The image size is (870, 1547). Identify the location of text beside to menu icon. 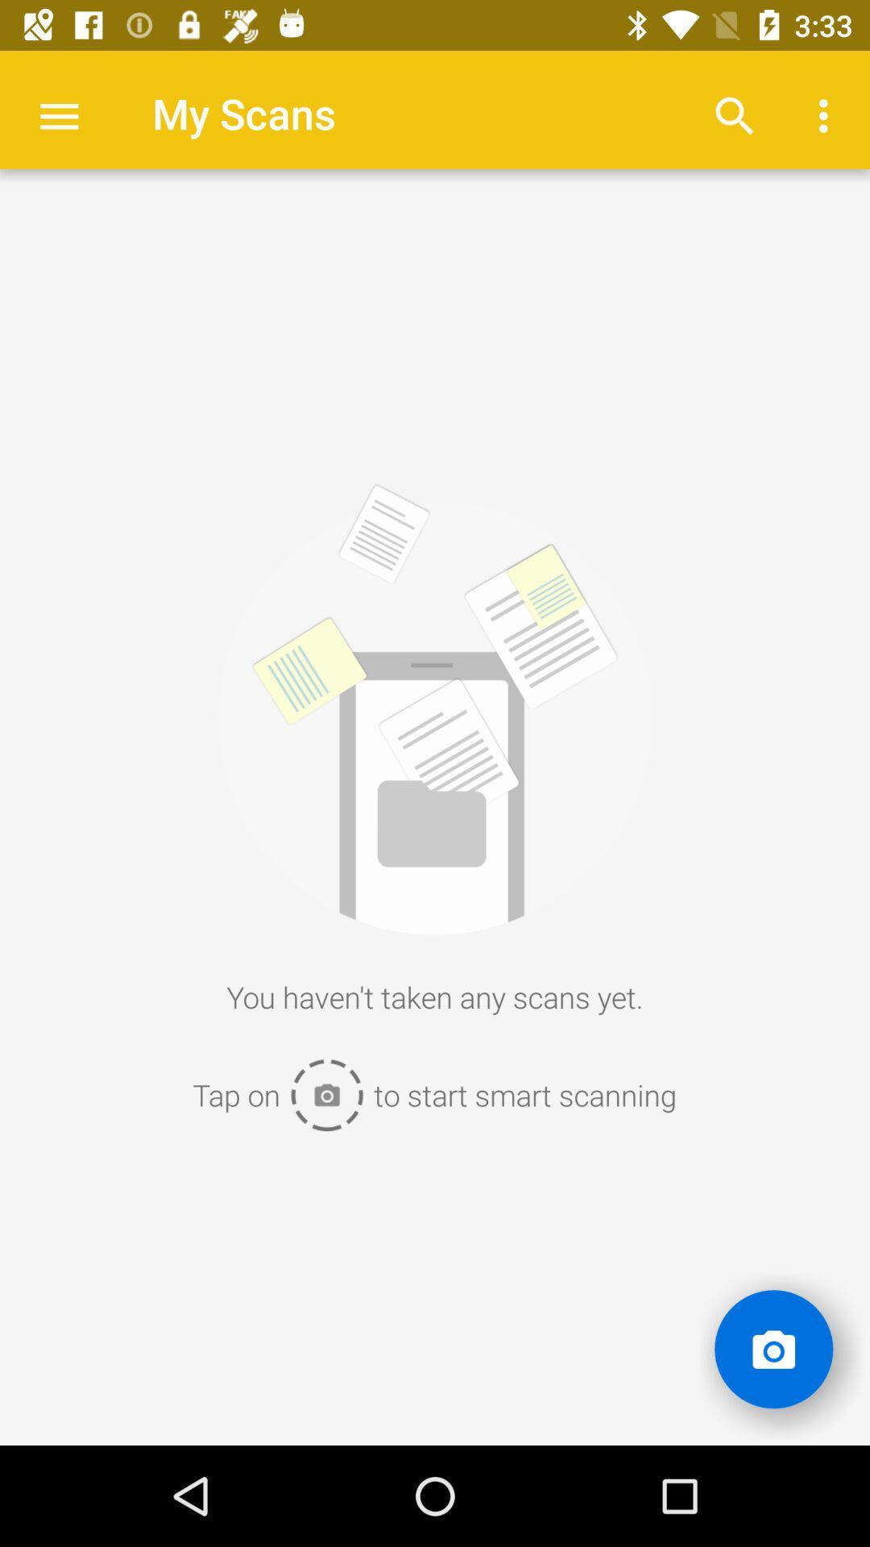
(244, 112).